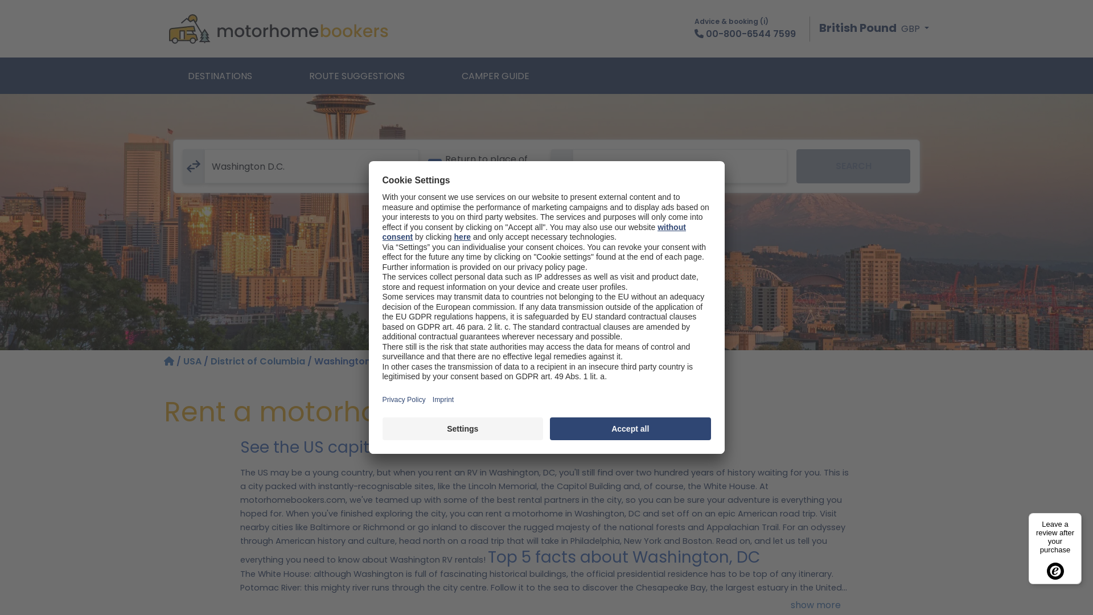  What do you see at coordinates (495, 75) in the screenshot?
I see `'CAMPER GUIDE'` at bounding box center [495, 75].